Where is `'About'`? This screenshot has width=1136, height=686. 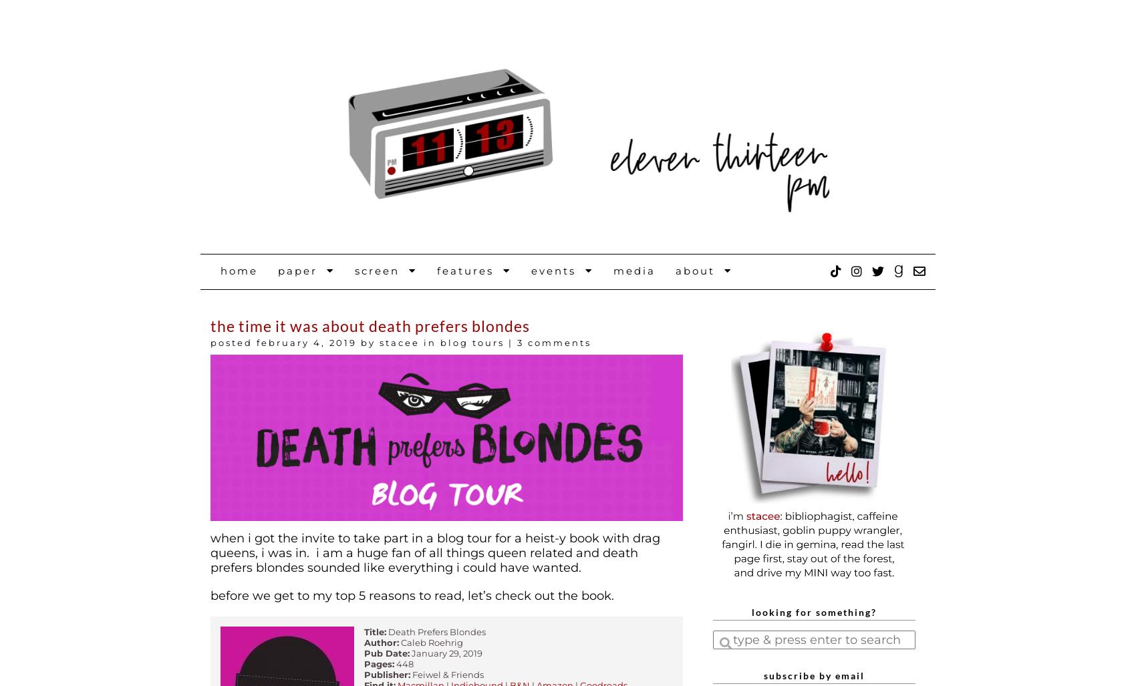
'About' is located at coordinates (699, 270).